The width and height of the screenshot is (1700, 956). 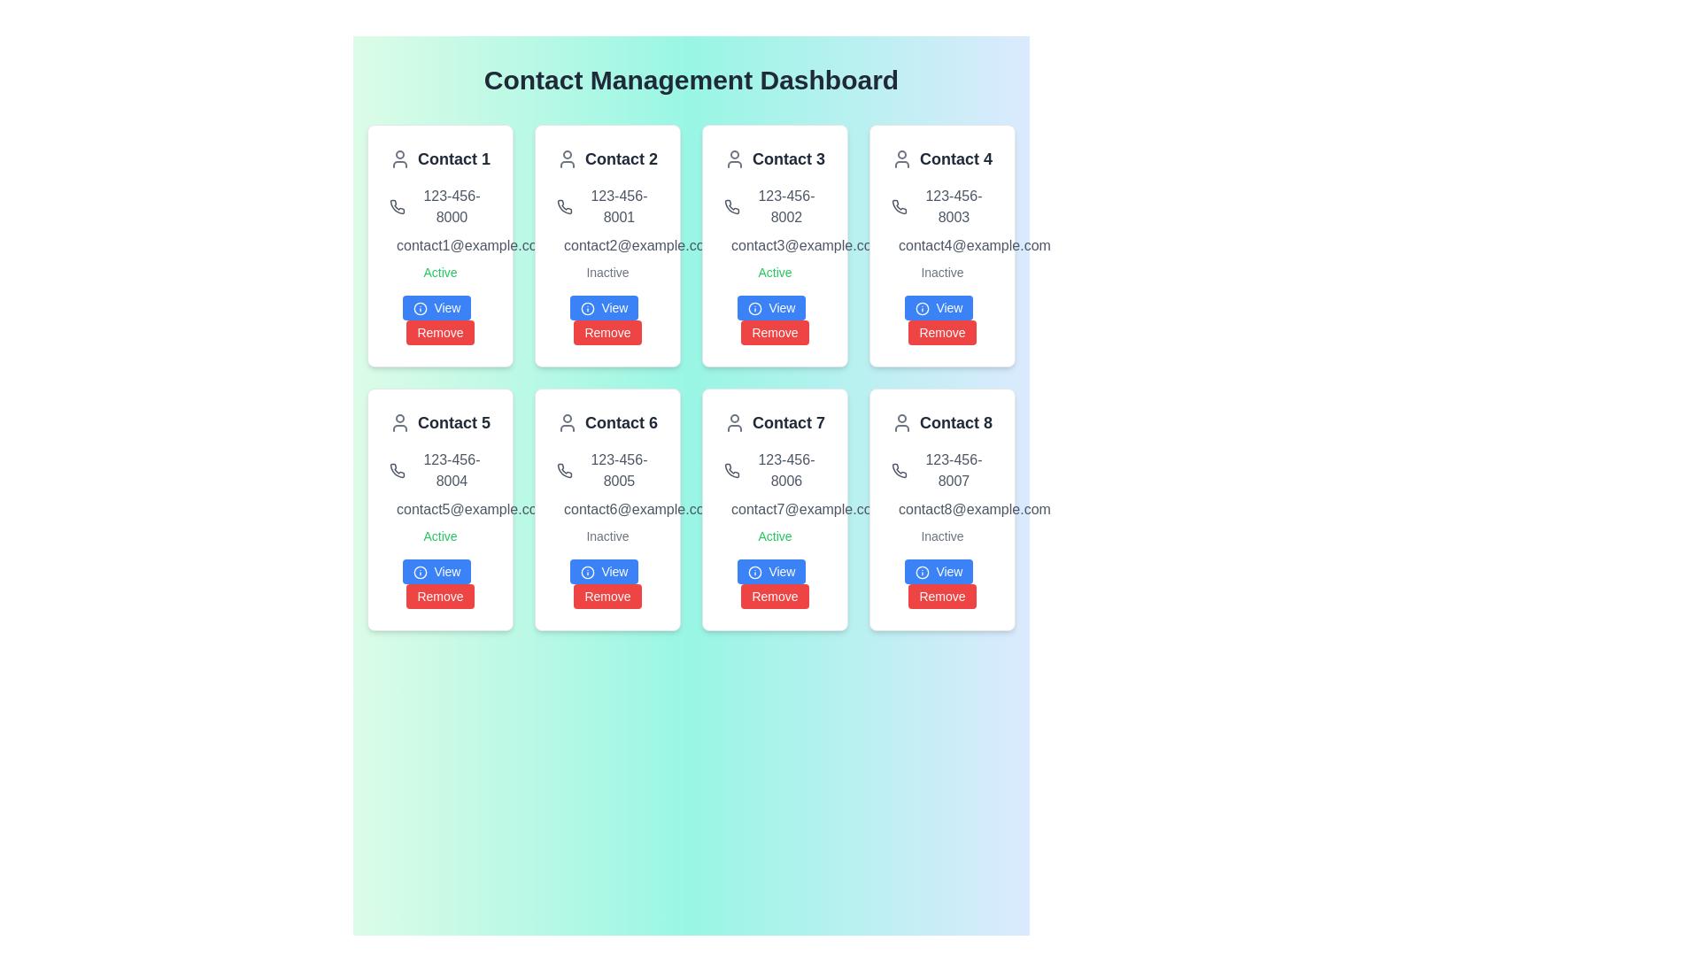 I want to click on the 'view' button located in the 'Contact 7' card, so click(x=771, y=571).